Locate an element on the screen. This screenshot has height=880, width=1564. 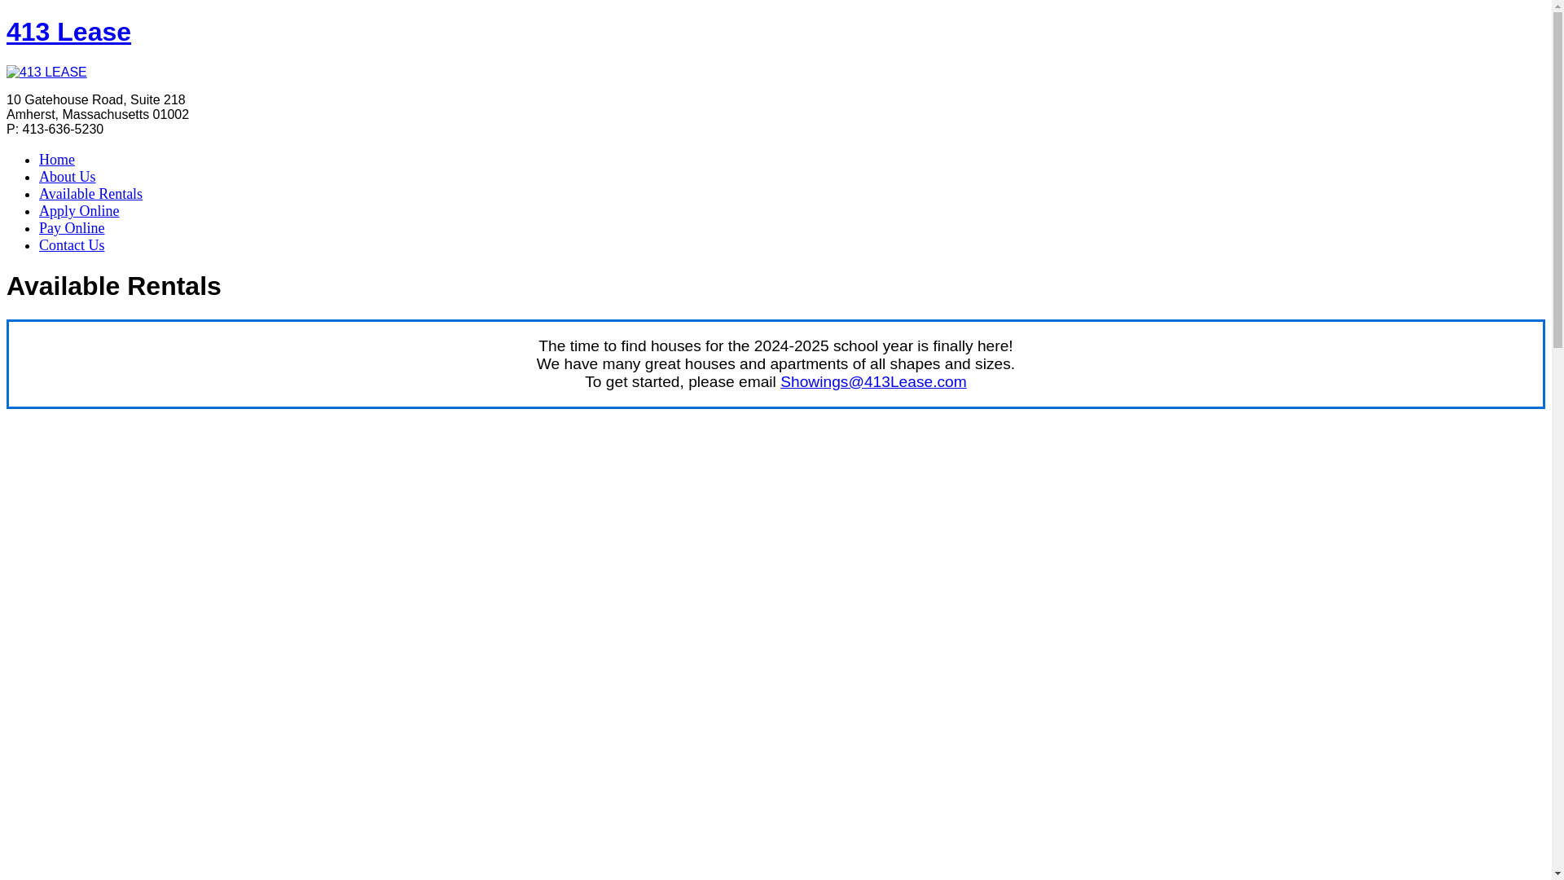
'Apply Online' is located at coordinates (78, 209).